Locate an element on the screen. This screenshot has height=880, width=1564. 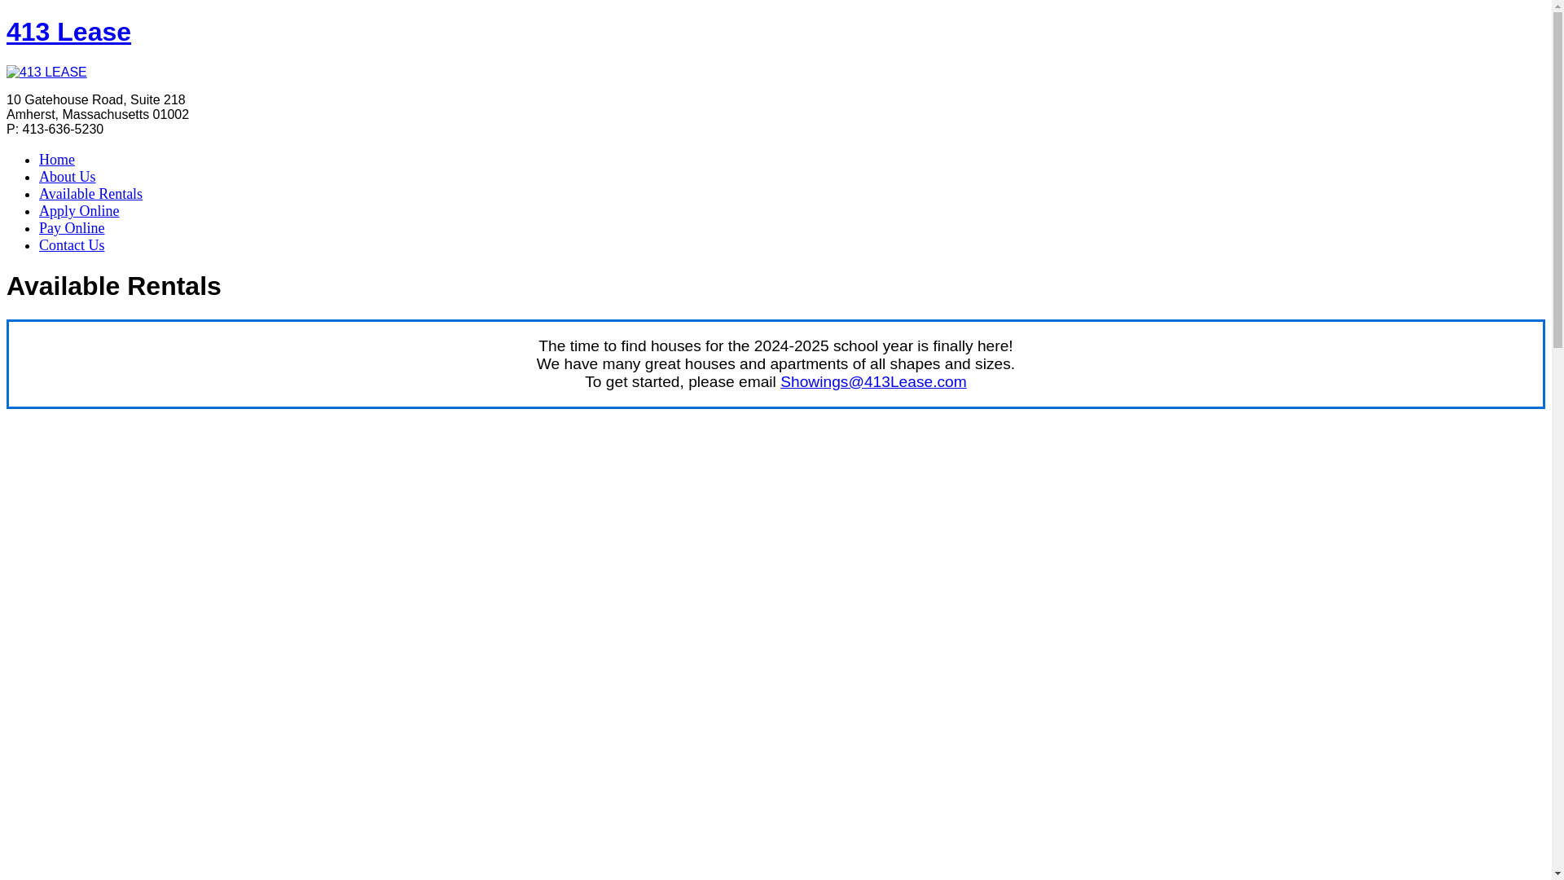
'Apply Online' is located at coordinates (78, 209).